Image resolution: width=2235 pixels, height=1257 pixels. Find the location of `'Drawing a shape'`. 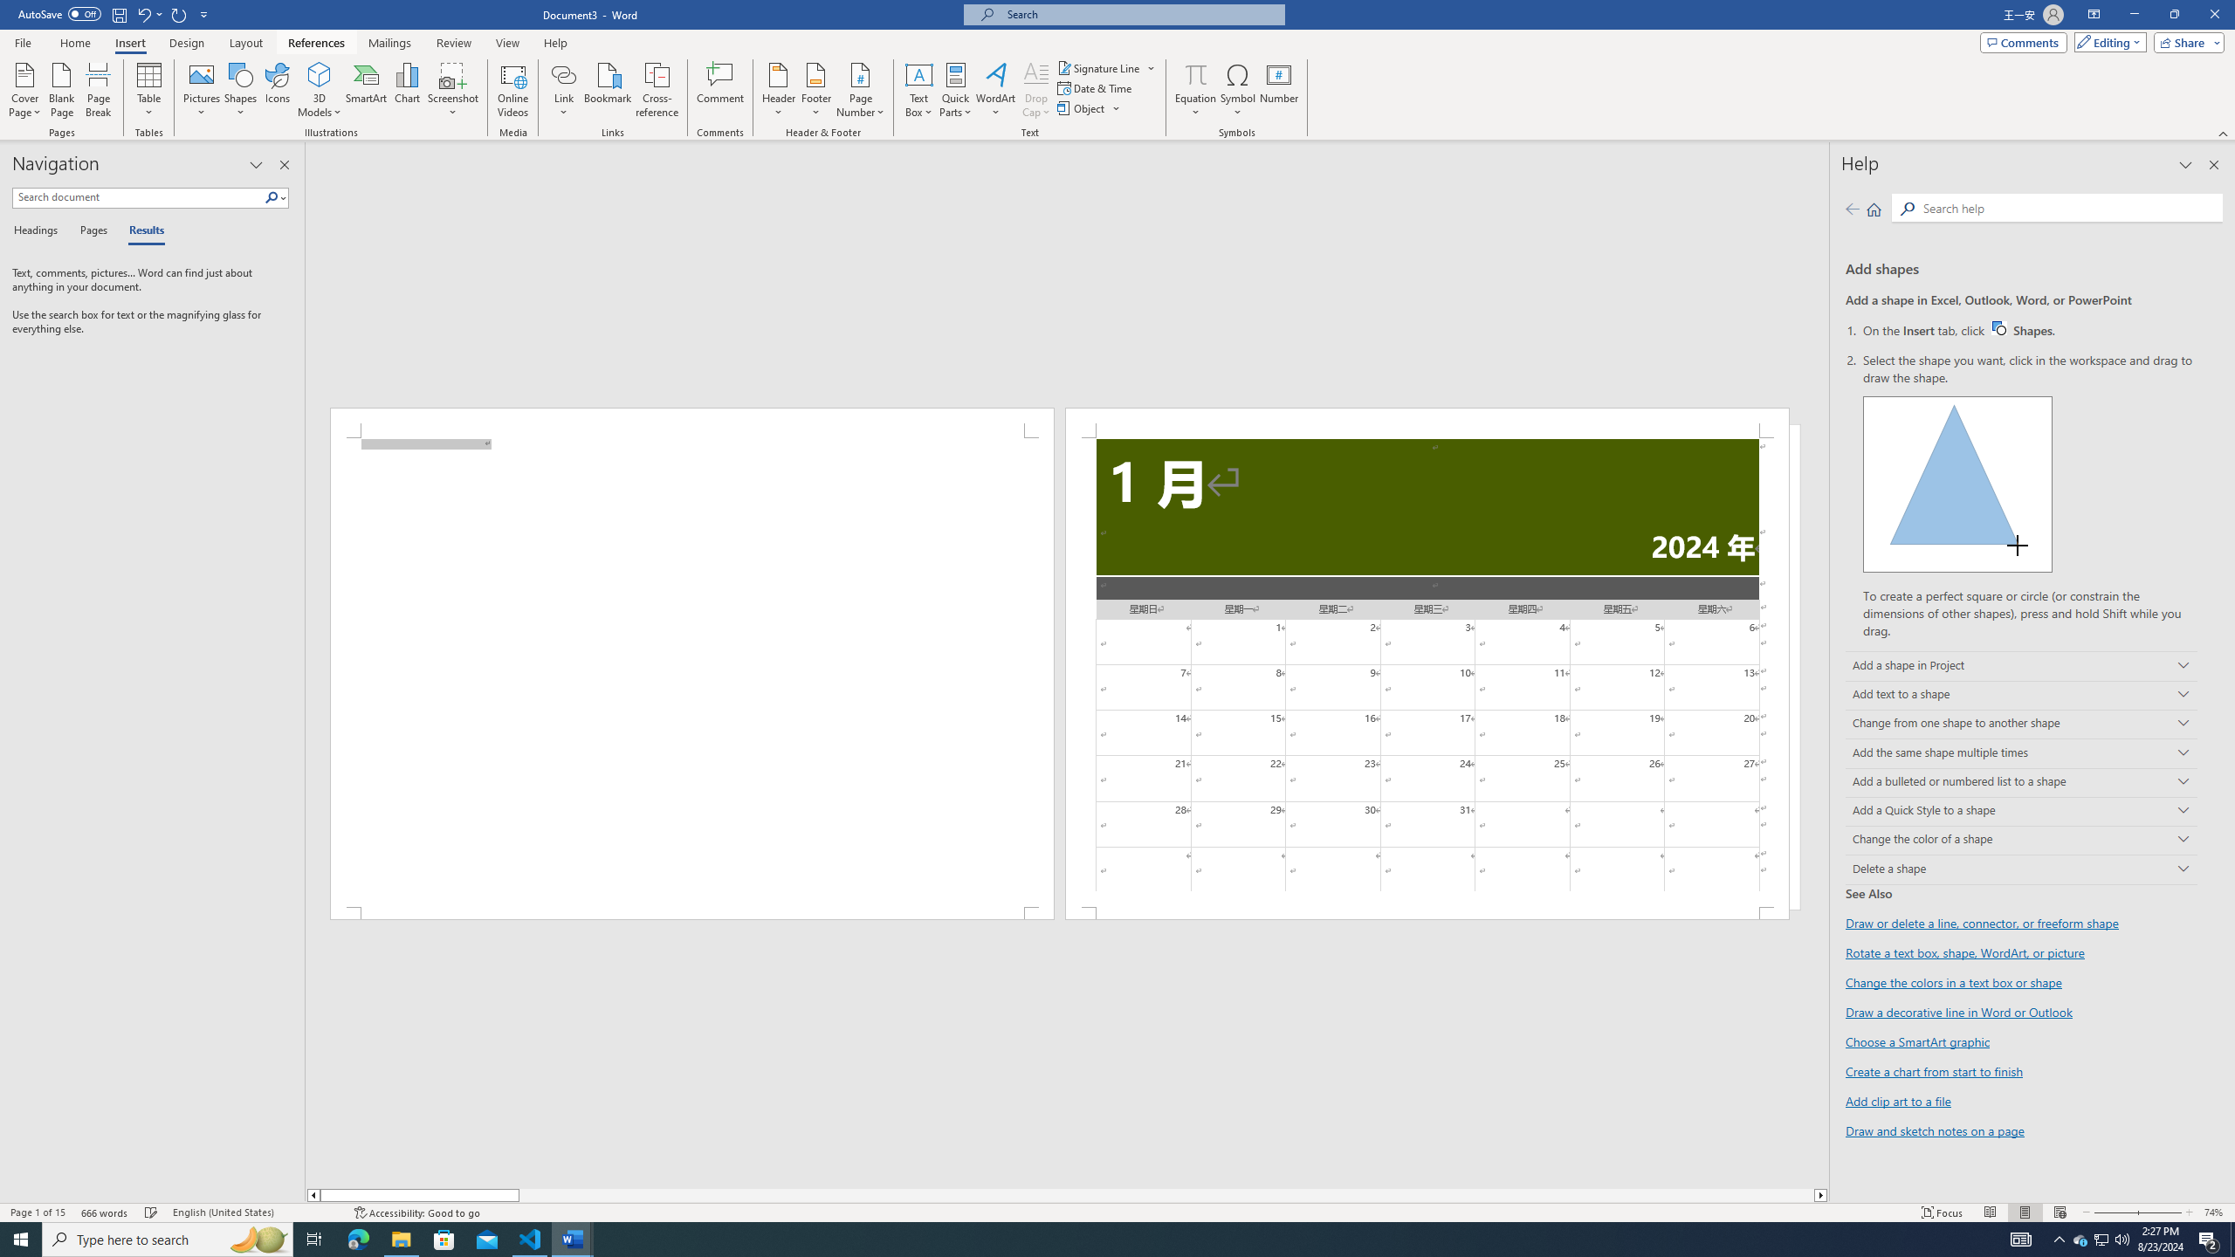

'Drawing a shape' is located at coordinates (1957, 484).